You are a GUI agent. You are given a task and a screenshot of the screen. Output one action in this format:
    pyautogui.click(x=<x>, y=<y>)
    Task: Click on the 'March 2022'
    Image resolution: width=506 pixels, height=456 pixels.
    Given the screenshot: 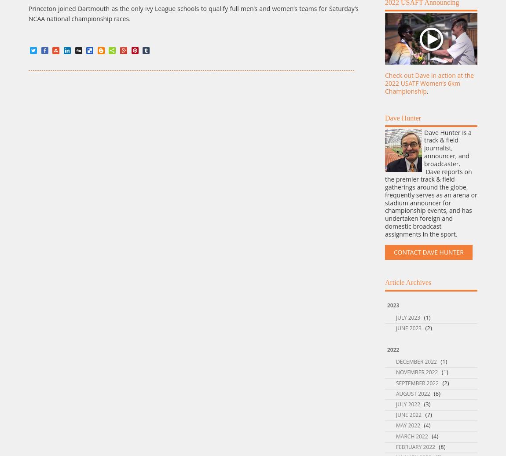 What is the action you would take?
    pyautogui.click(x=411, y=436)
    